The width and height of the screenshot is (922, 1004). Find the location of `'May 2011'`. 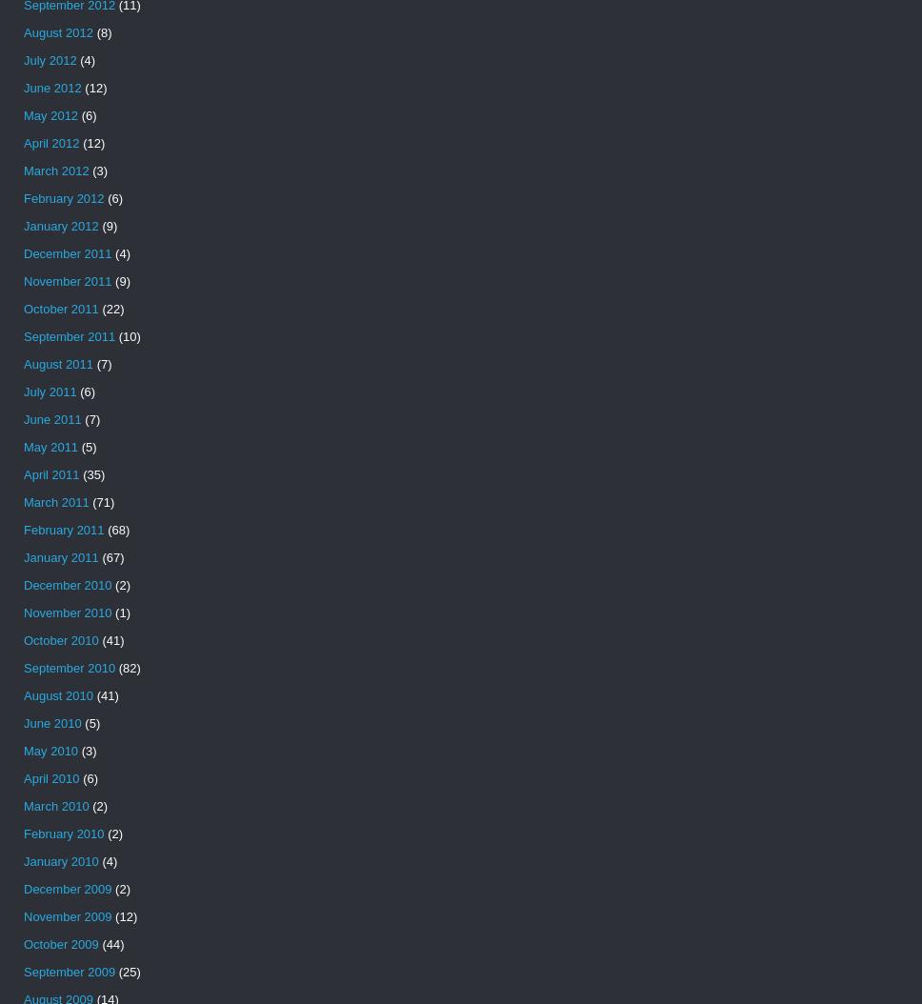

'May 2011' is located at coordinates (50, 447).